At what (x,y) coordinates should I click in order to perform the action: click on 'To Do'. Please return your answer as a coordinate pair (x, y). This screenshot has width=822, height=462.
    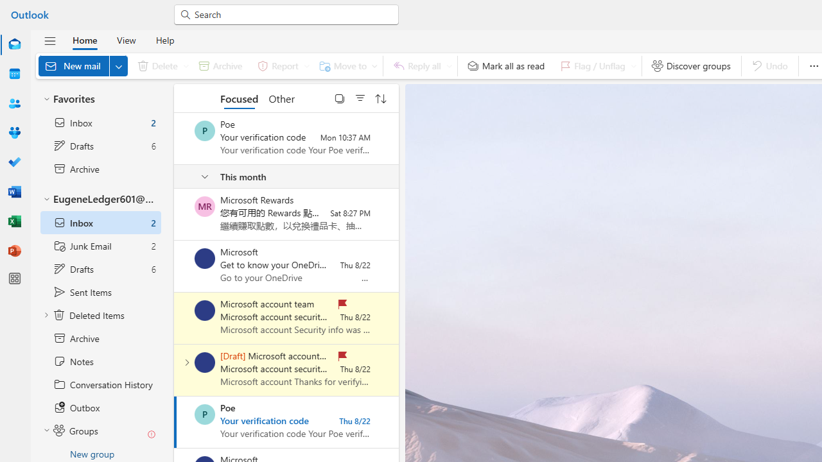
    Looking at the image, I should click on (15, 162).